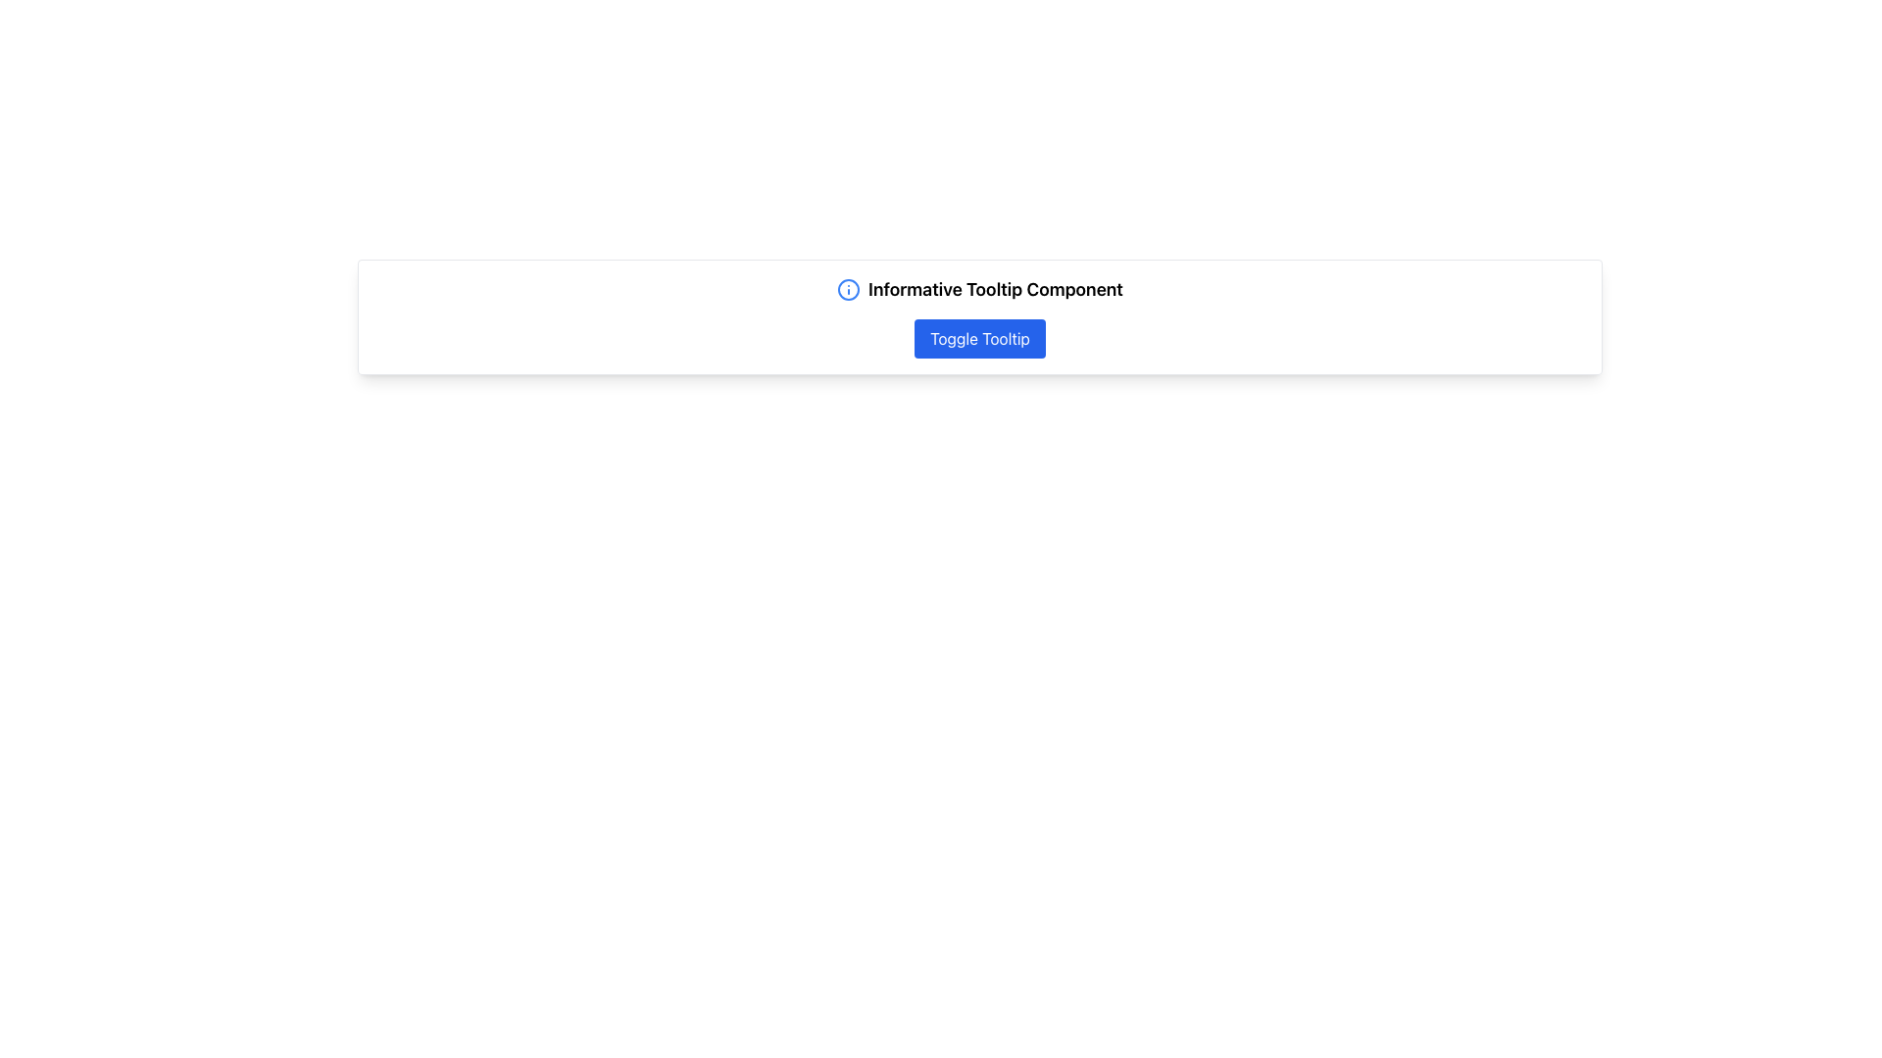  What do you see at coordinates (979, 338) in the screenshot?
I see `the 'Toggle Tooltip' button with white text on a blue background` at bounding box center [979, 338].